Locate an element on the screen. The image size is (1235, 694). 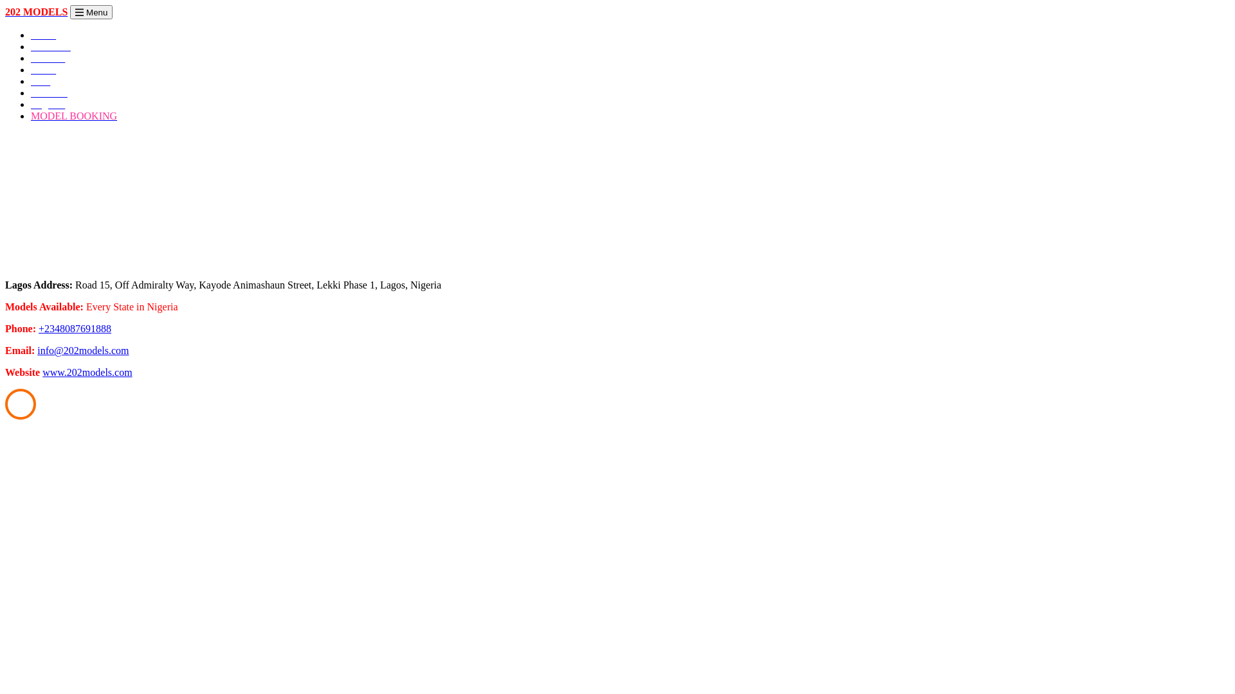
'+2348087691888' is located at coordinates (74, 328).